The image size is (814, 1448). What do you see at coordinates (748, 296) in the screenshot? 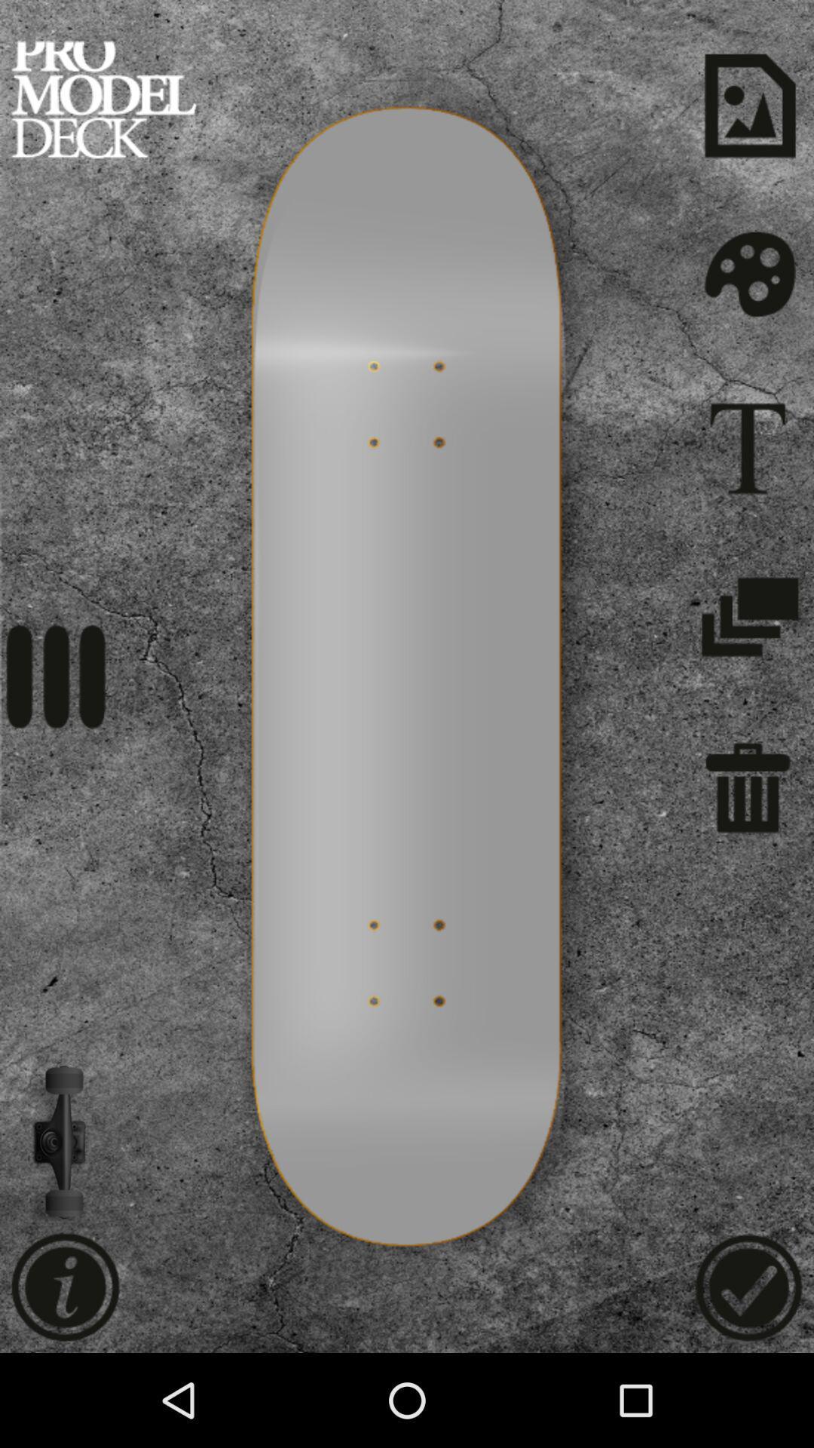
I see `the settings icon` at bounding box center [748, 296].